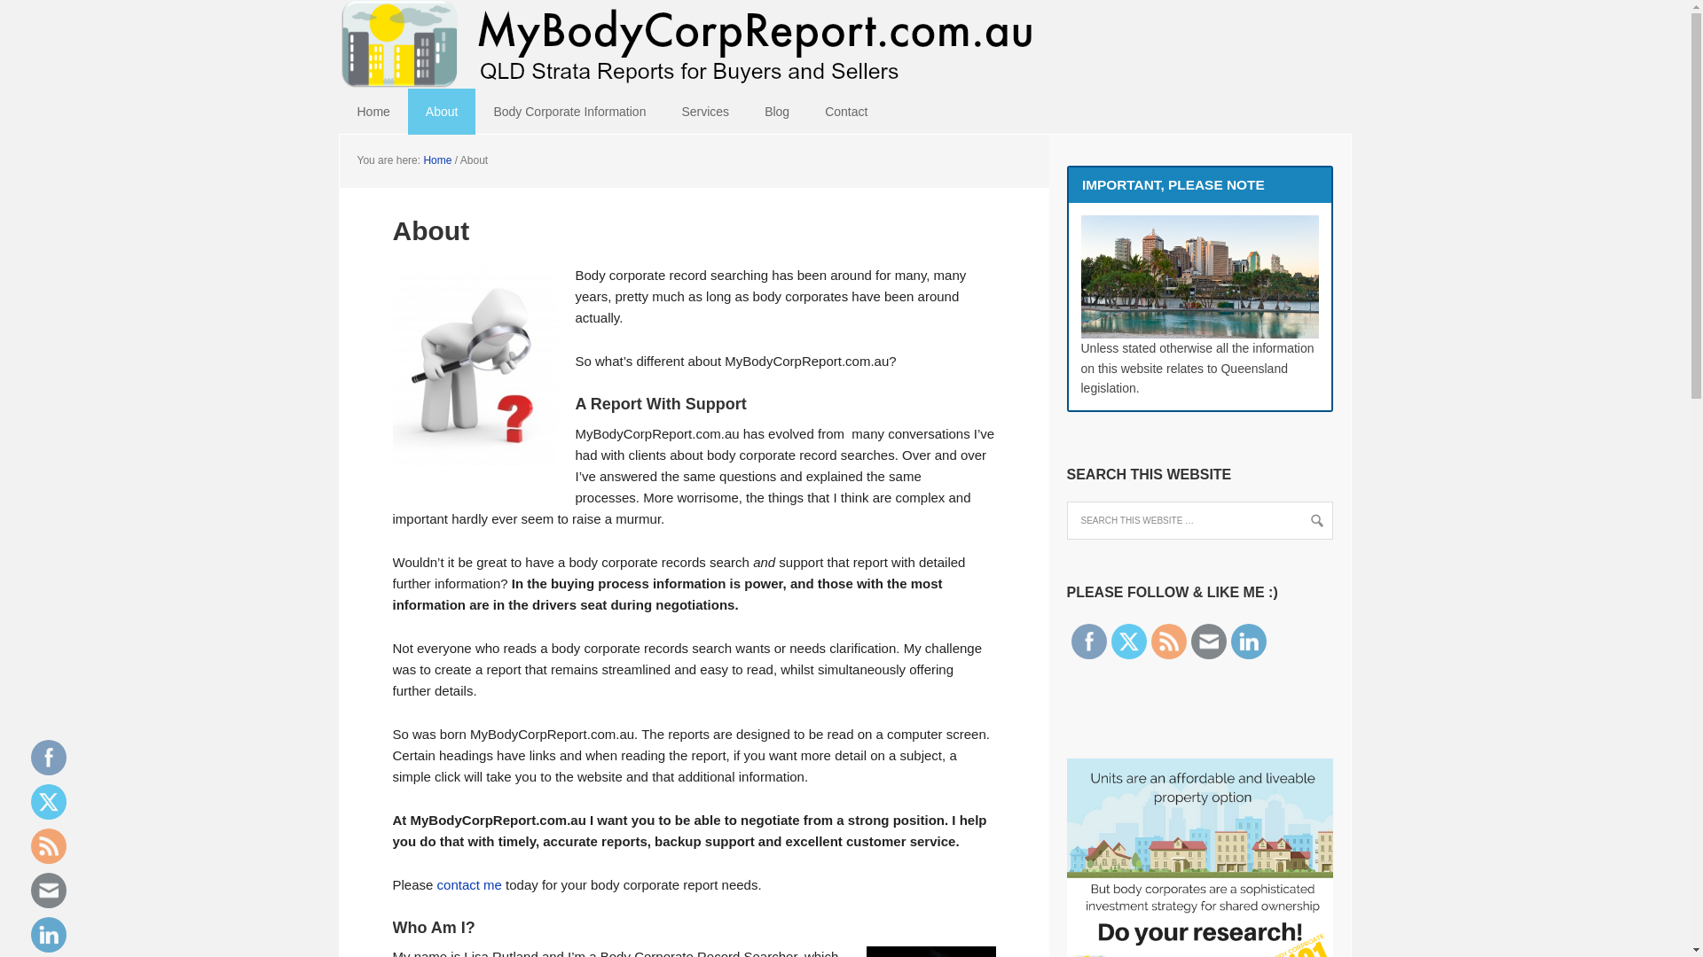  I want to click on 'Body Corporate Information', so click(475, 112).